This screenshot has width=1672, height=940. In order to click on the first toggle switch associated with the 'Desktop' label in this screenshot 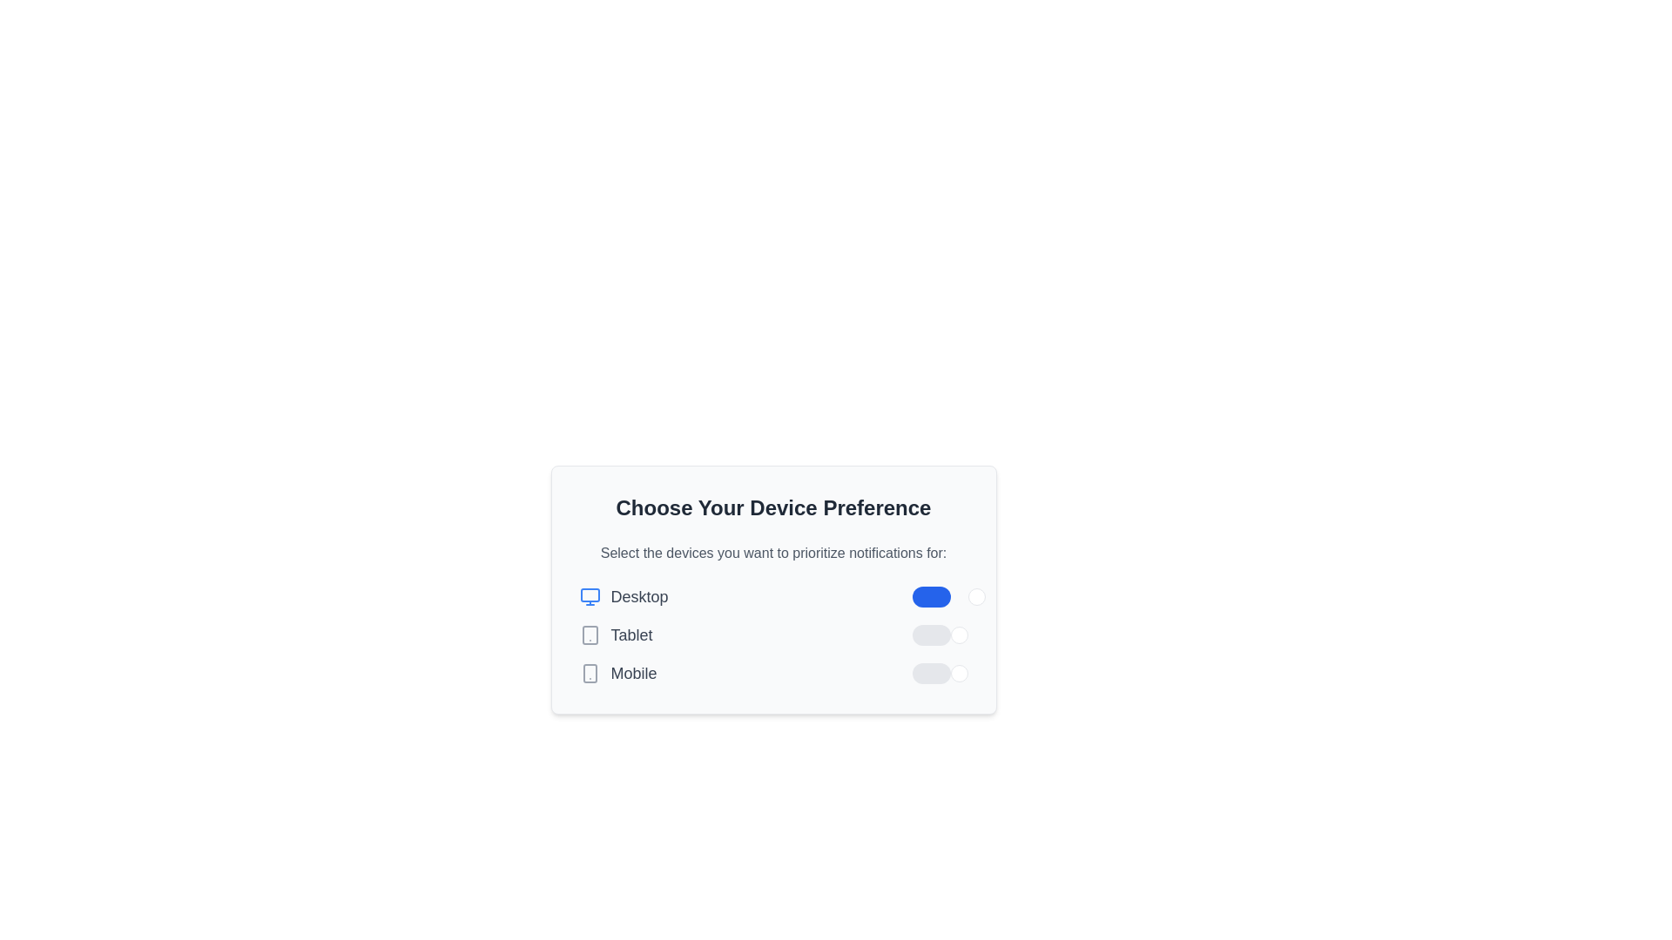, I will do `click(939, 596)`.